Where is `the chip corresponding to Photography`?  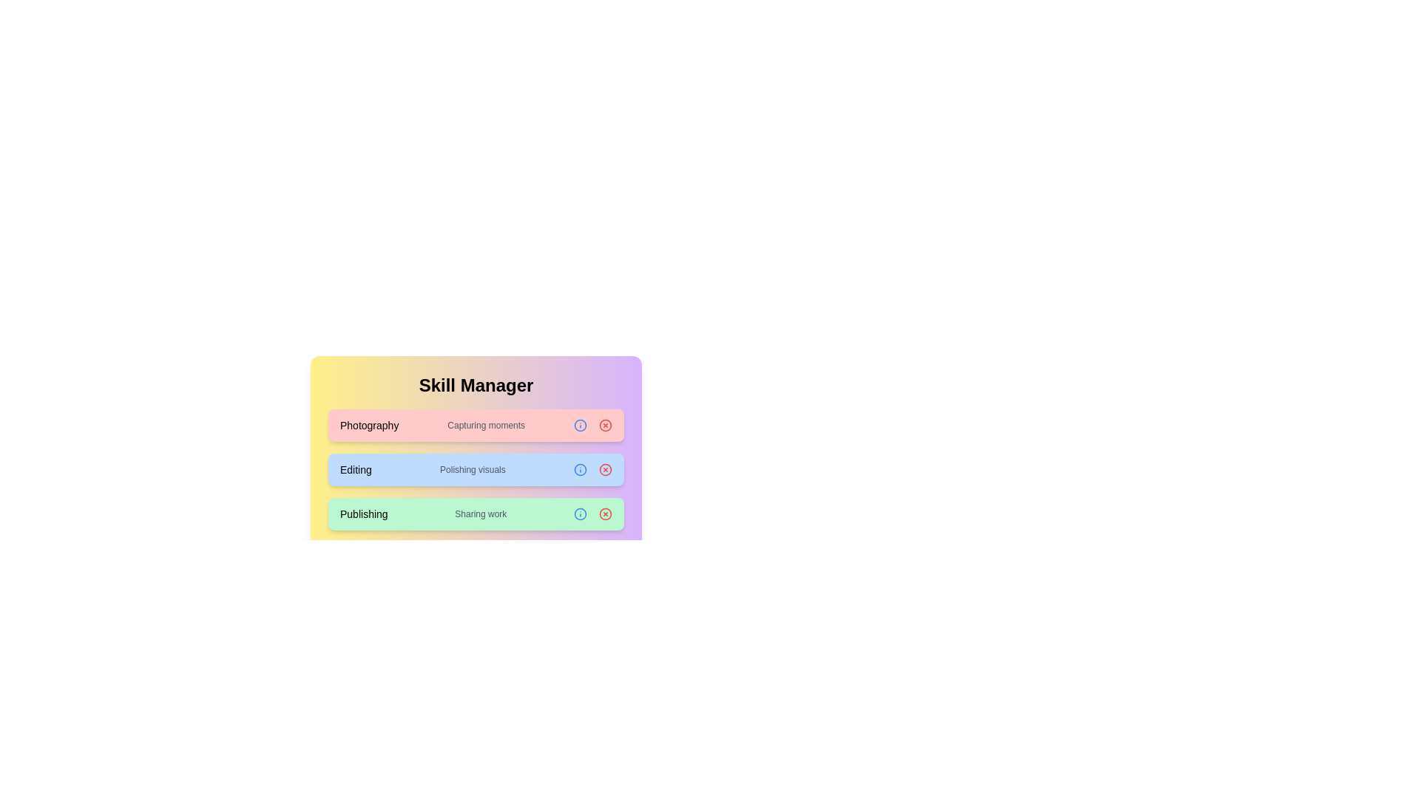
the chip corresponding to Photography is located at coordinates (606, 425).